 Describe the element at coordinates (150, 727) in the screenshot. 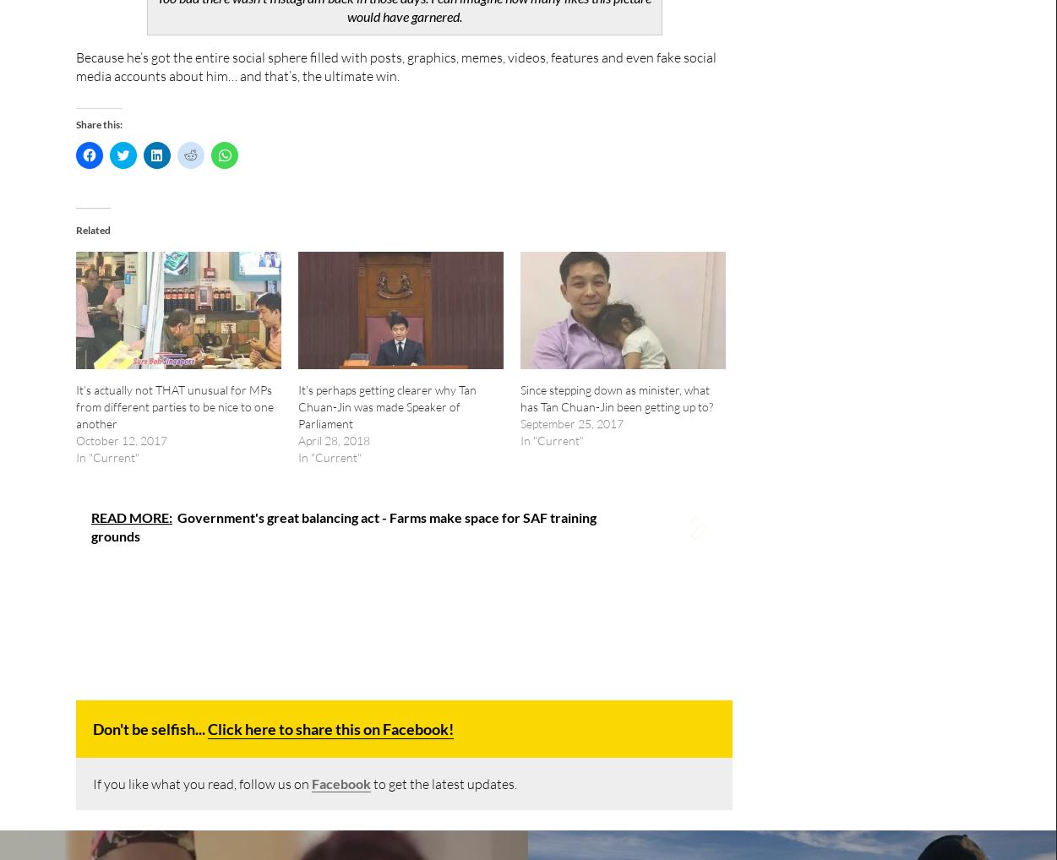

I see `'Don't be selfish...'` at that location.